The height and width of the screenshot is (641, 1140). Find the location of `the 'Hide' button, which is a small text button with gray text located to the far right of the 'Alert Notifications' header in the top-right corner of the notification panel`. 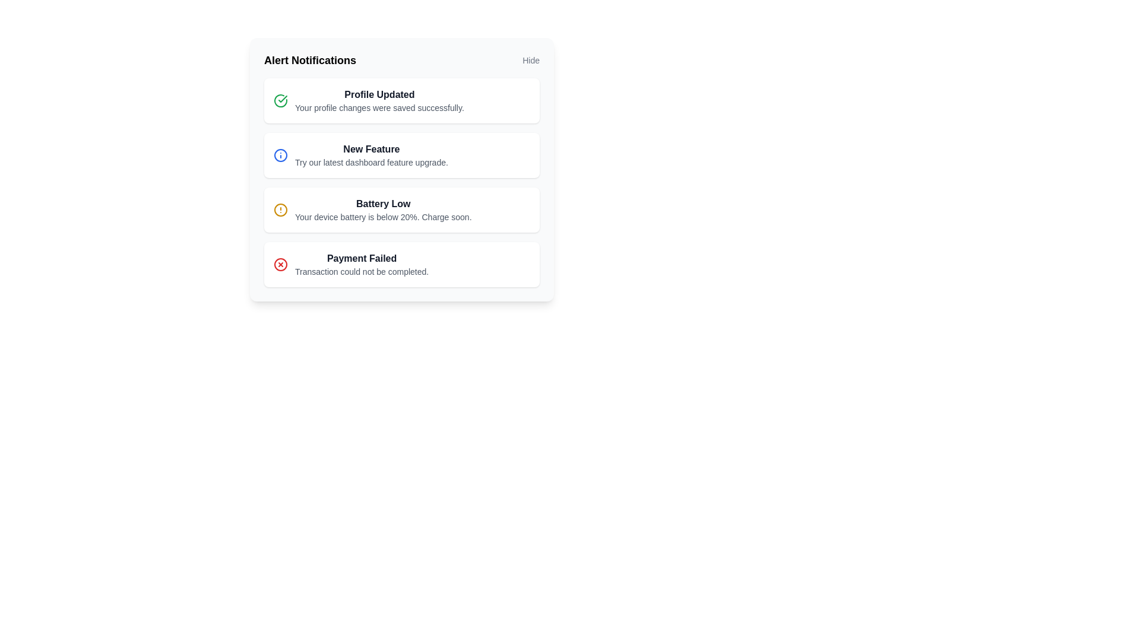

the 'Hide' button, which is a small text button with gray text located to the far right of the 'Alert Notifications' header in the top-right corner of the notification panel is located at coordinates (530, 60).